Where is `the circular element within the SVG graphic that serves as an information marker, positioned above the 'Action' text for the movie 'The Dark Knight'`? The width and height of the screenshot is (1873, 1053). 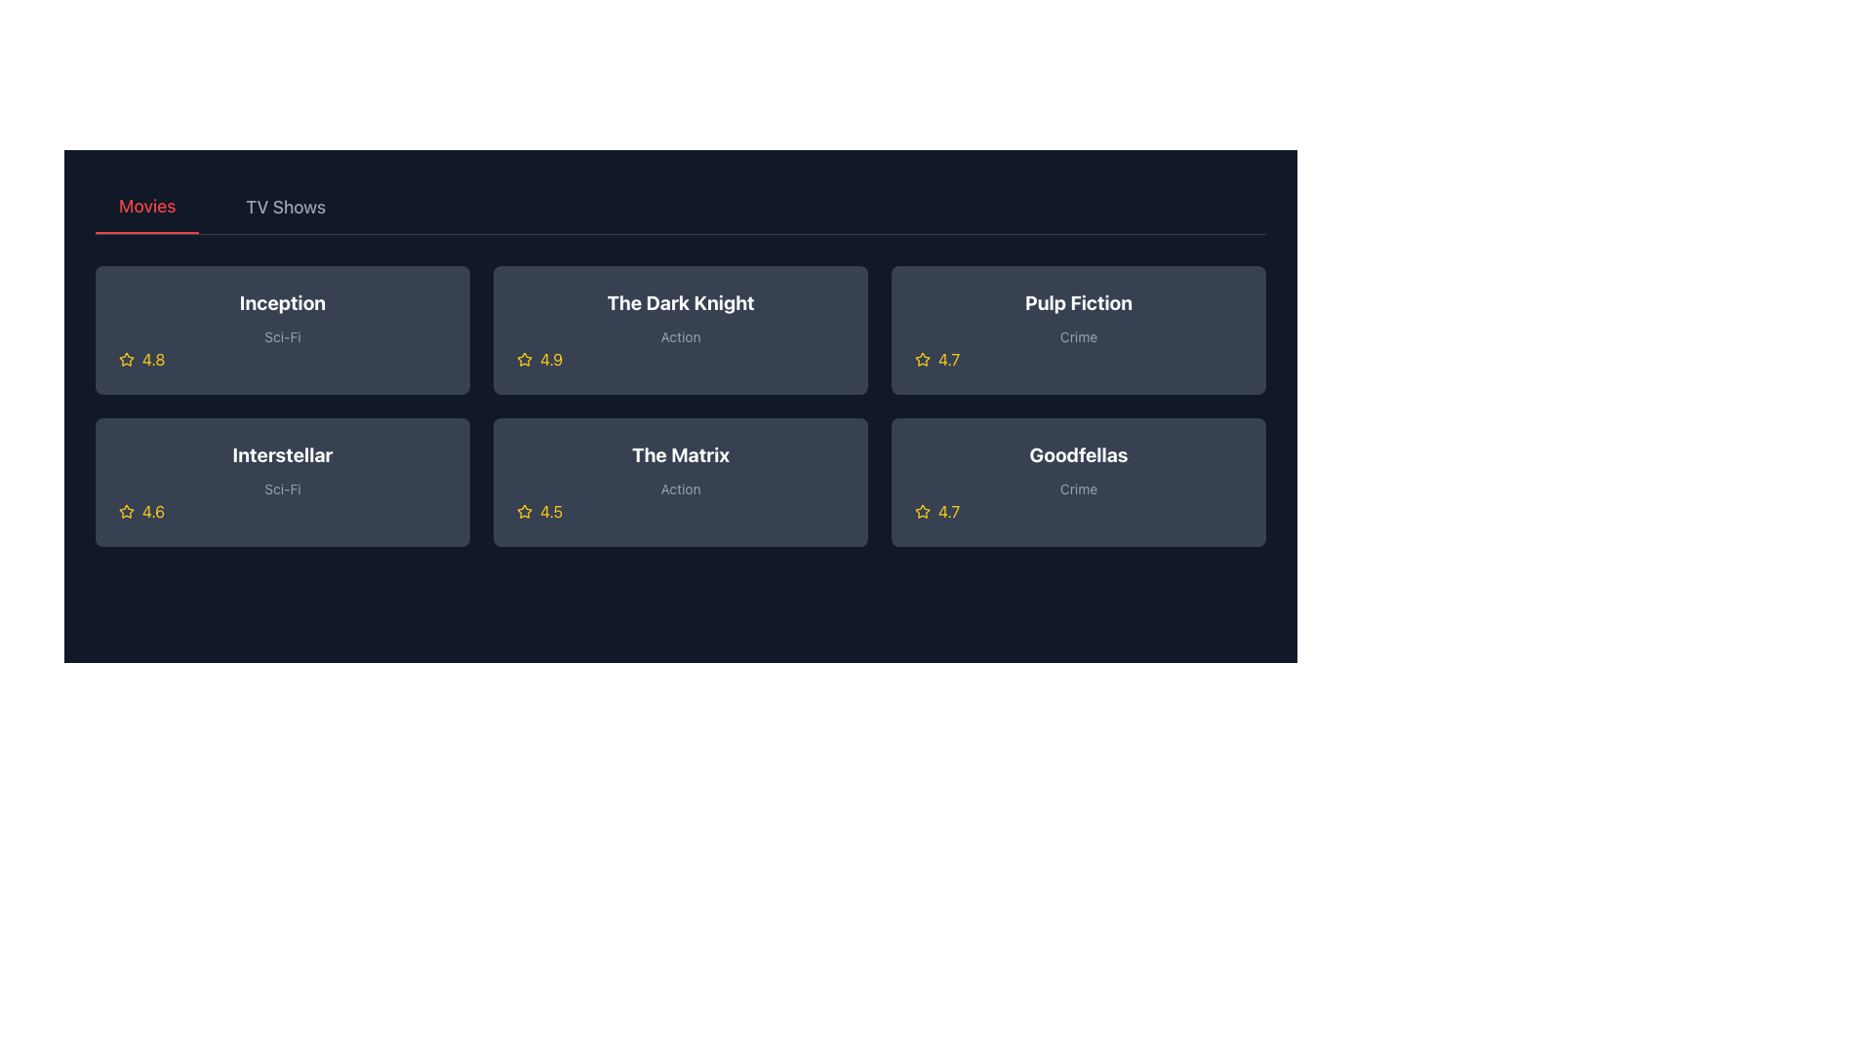 the circular element within the SVG graphic that serves as an information marker, positioned above the 'Action' text for the movie 'The Dark Knight' is located at coordinates (680, 330).